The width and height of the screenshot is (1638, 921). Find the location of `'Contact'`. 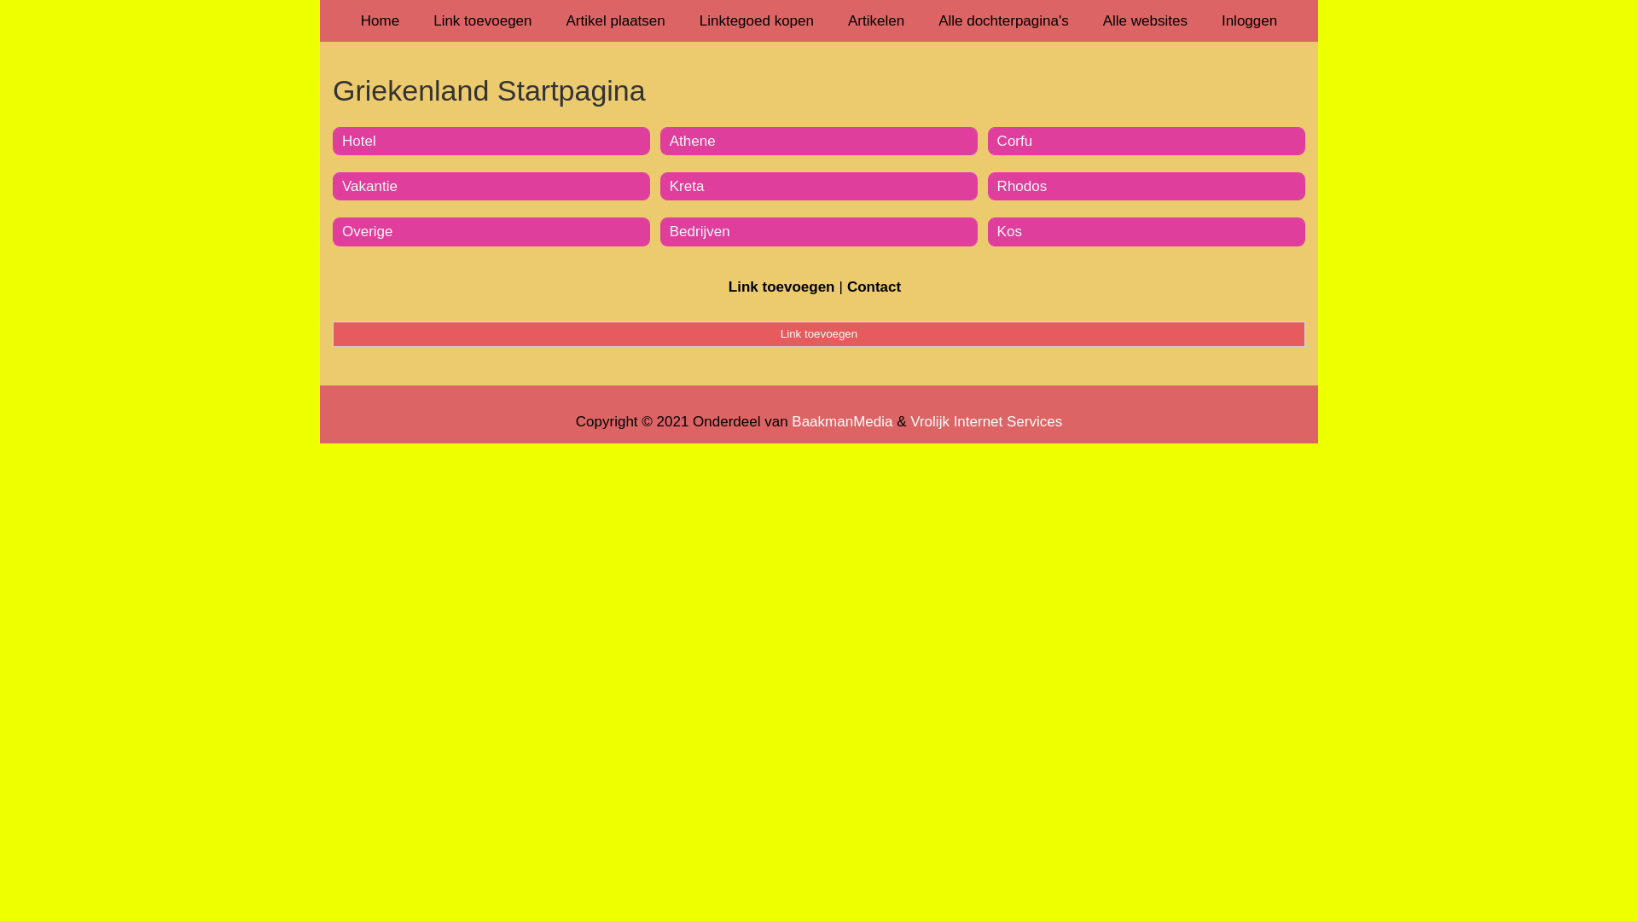

'Contact' is located at coordinates (874, 286).